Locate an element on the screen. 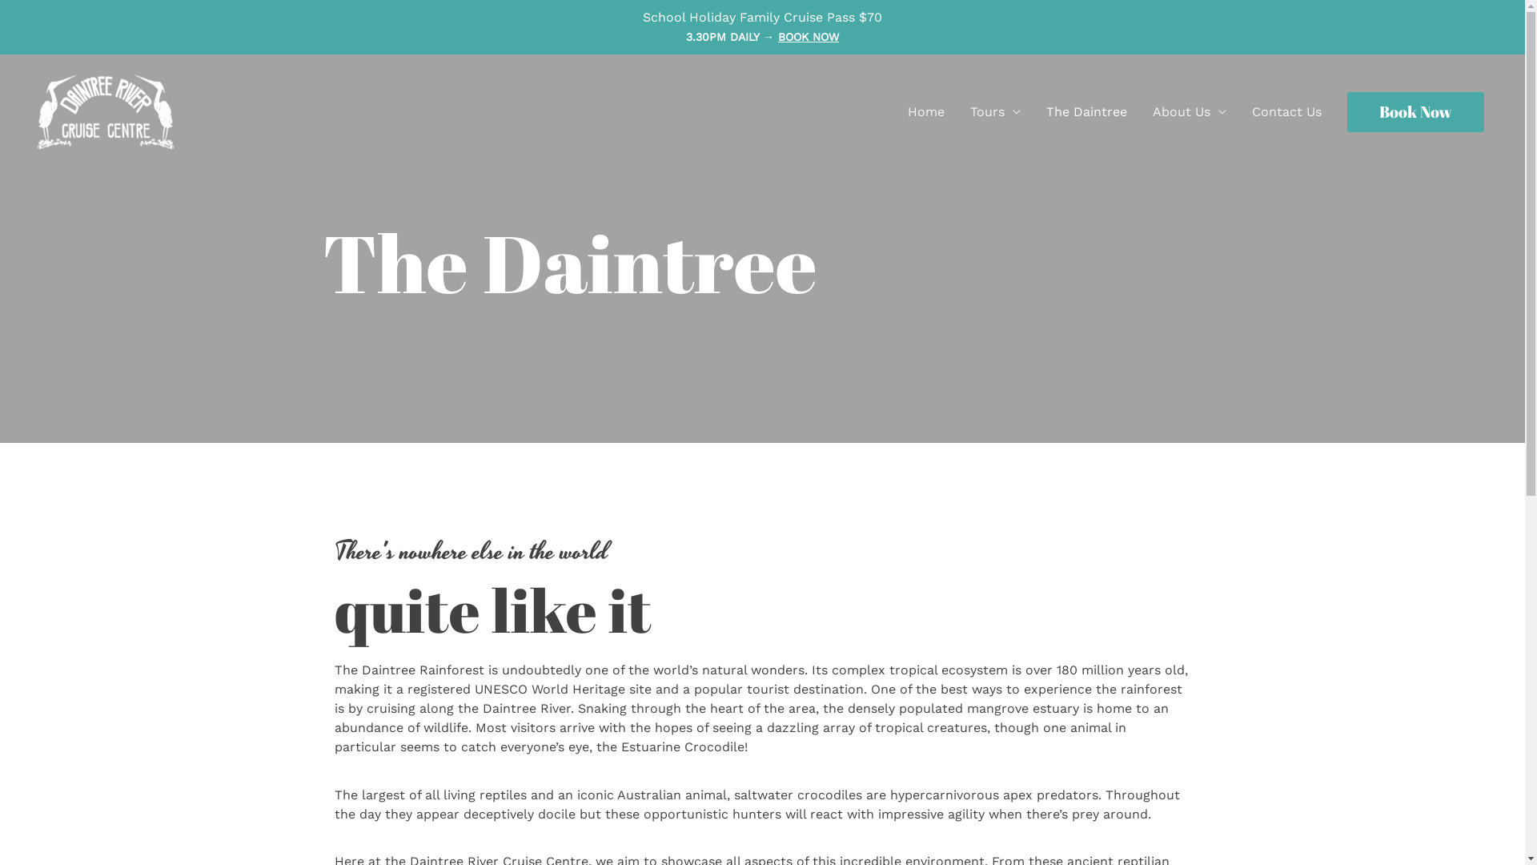  'Book Now' is located at coordinates (1415, 111).